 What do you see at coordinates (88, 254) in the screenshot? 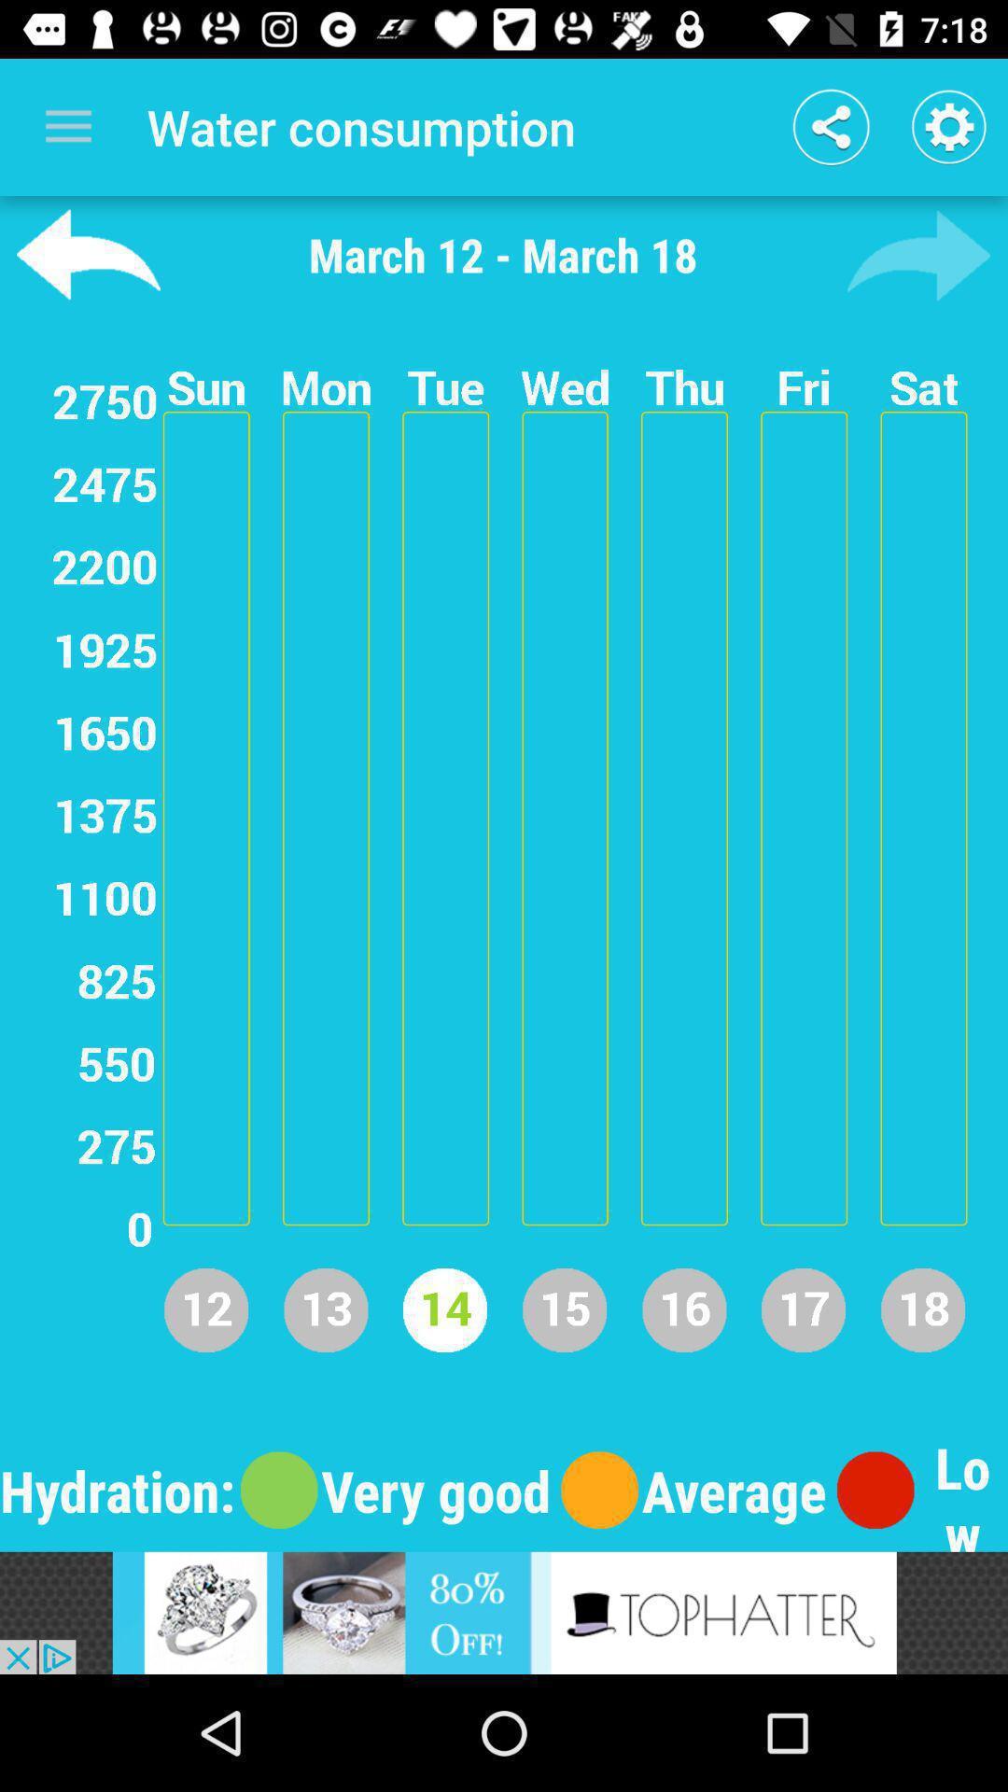
I see `the reply icon` at bounding box center [88, 254].